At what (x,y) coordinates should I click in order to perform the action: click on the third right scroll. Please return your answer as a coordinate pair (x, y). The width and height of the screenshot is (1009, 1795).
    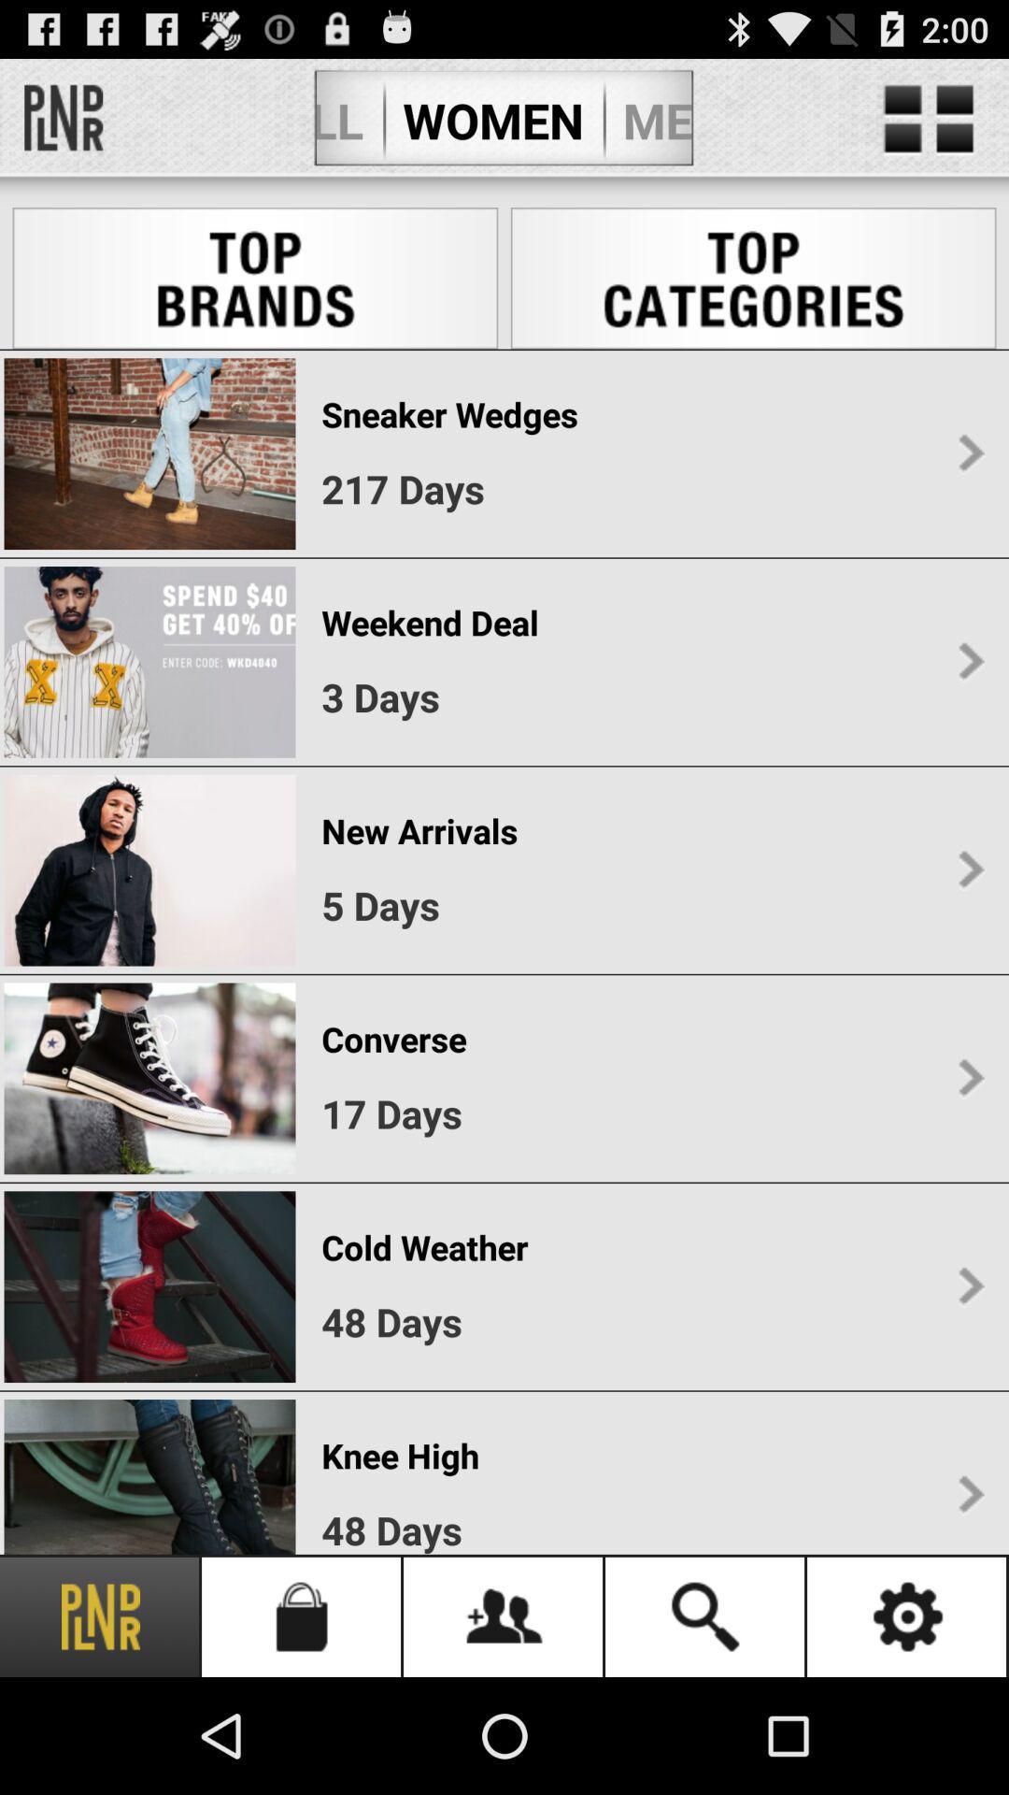
    Looking at the image, I should click on (970, 869).